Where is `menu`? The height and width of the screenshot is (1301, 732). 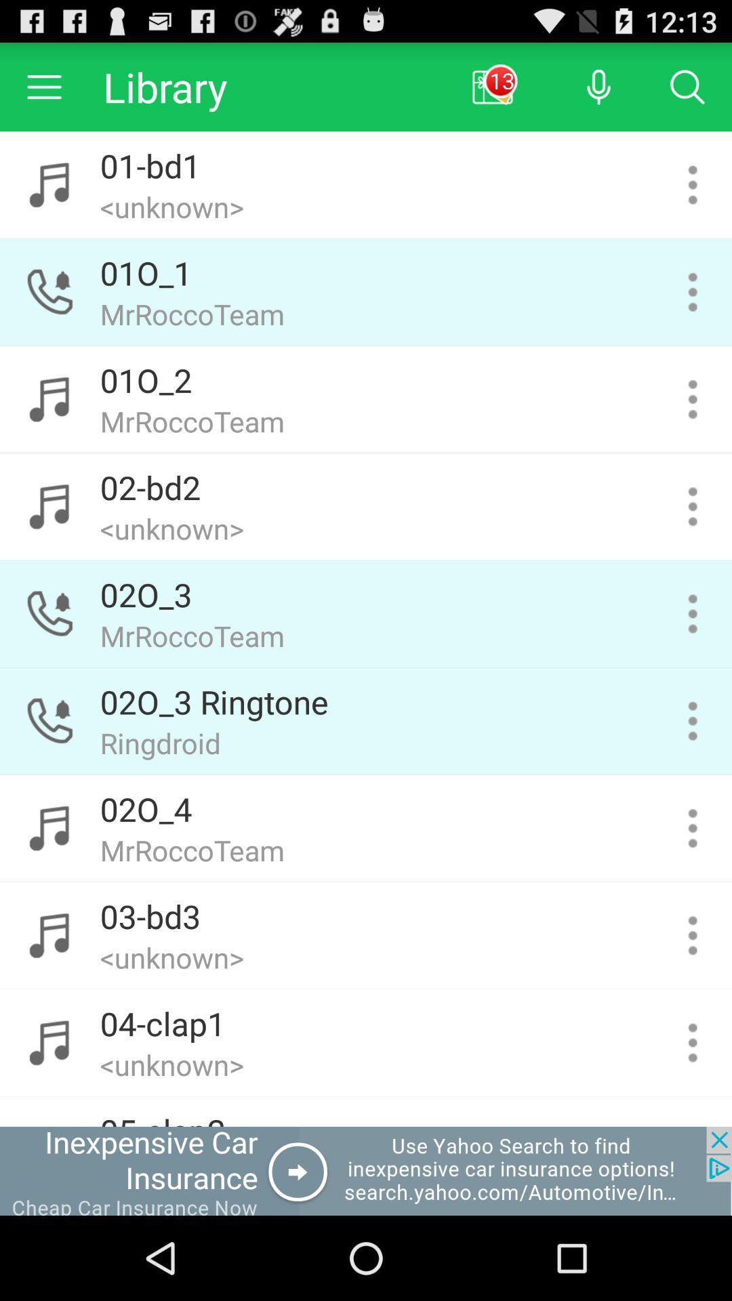
menu is located at coordinates (693, 720).